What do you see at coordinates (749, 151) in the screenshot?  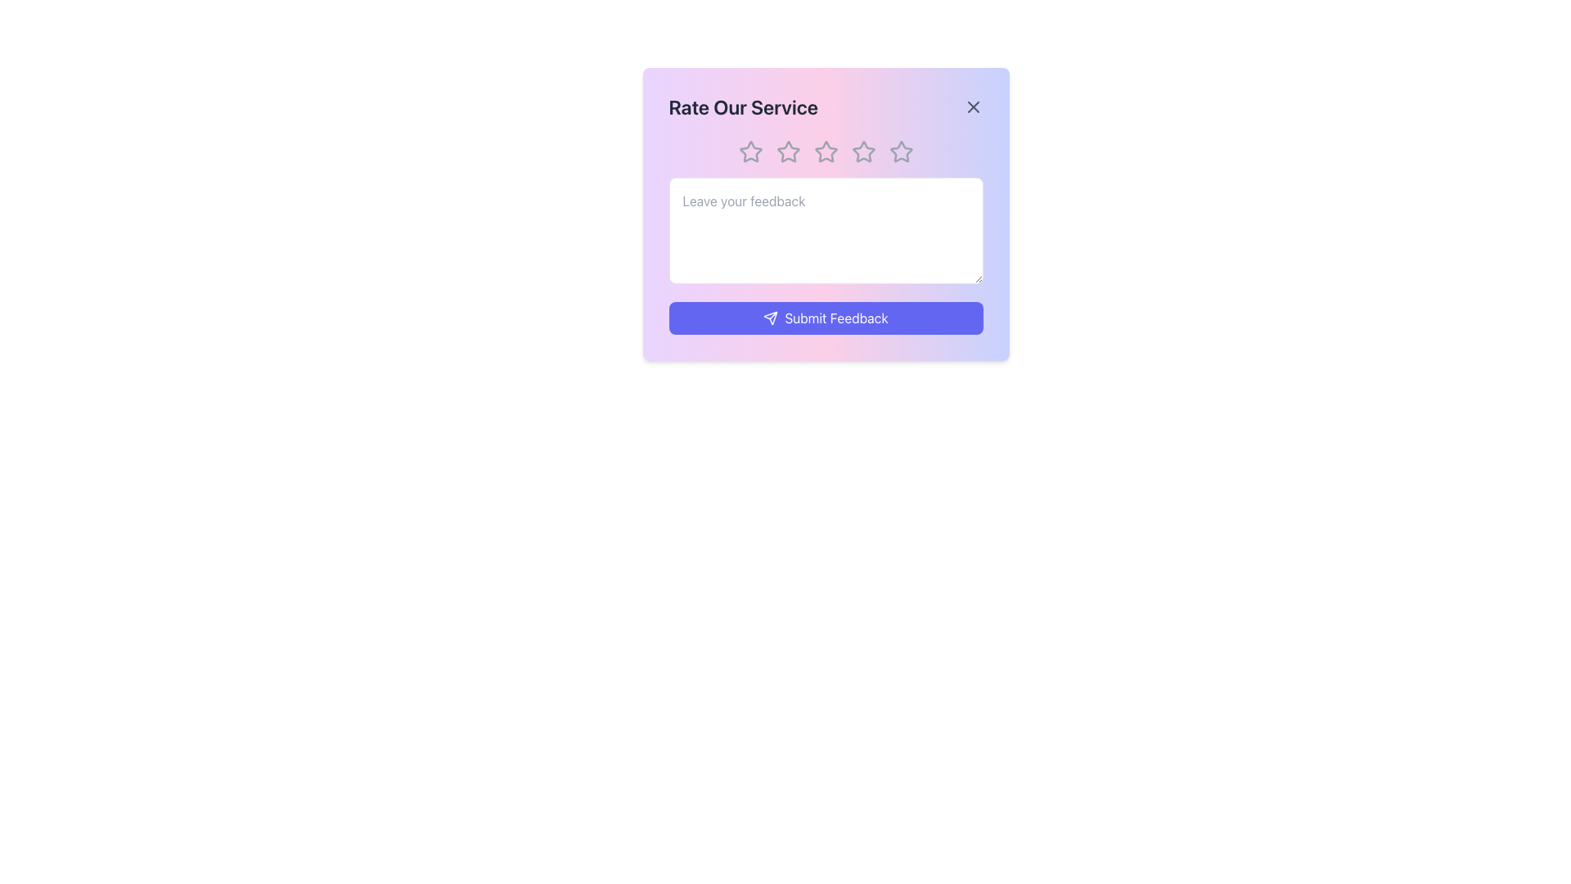 I see `the first star icon in the 'Rate Our Service' card` at bounding box center [749, 151].